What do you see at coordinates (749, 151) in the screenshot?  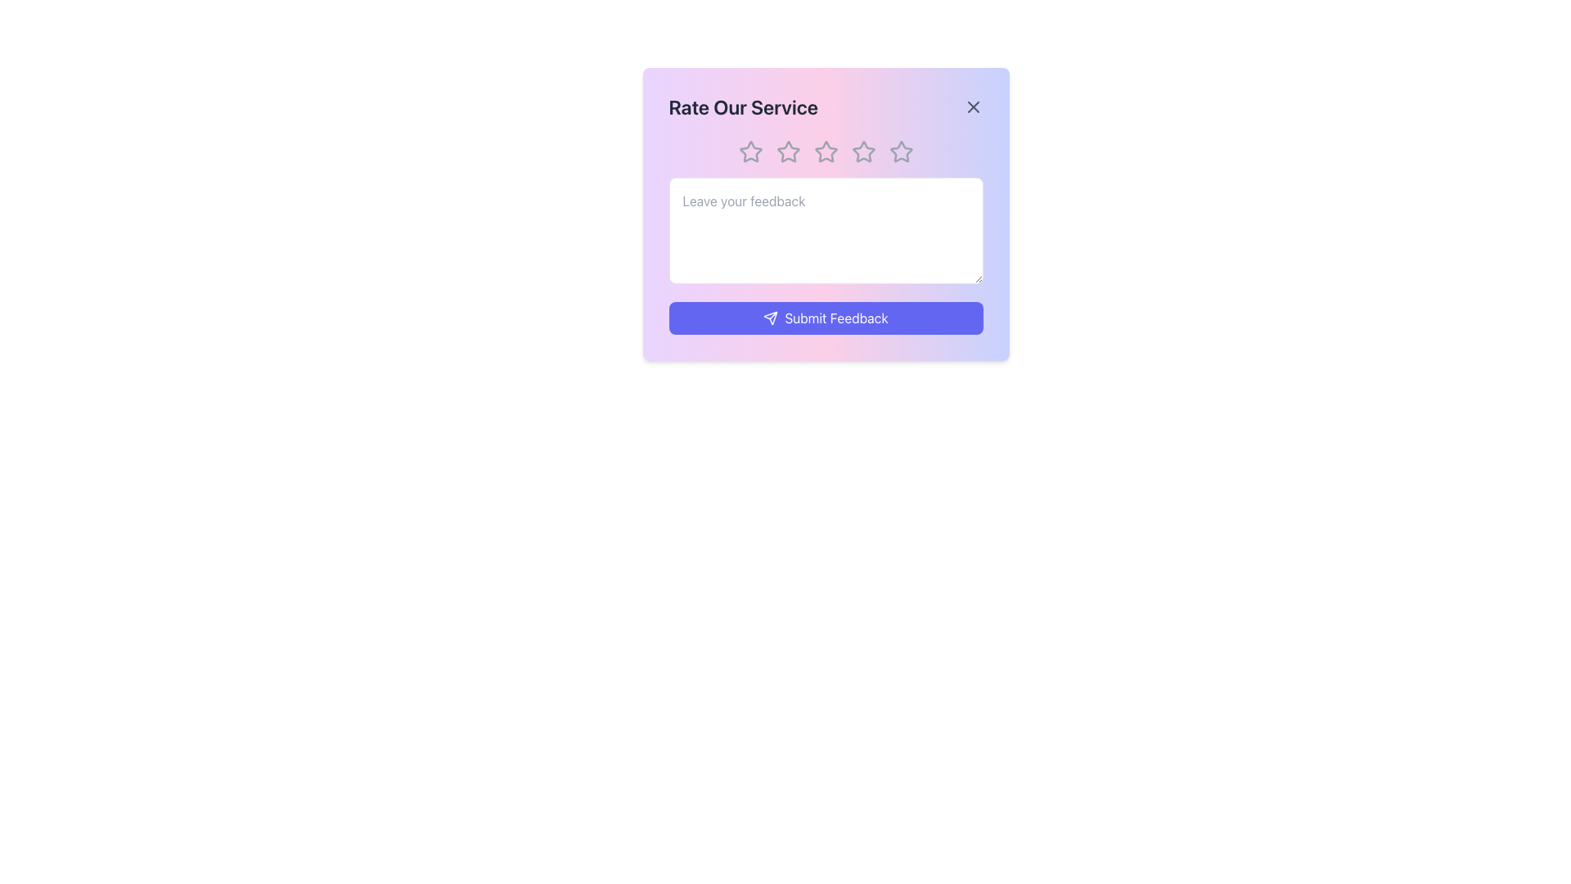 I see `the first star icon in the 'Rate Our Service' card` at bounding box center [749, 151].